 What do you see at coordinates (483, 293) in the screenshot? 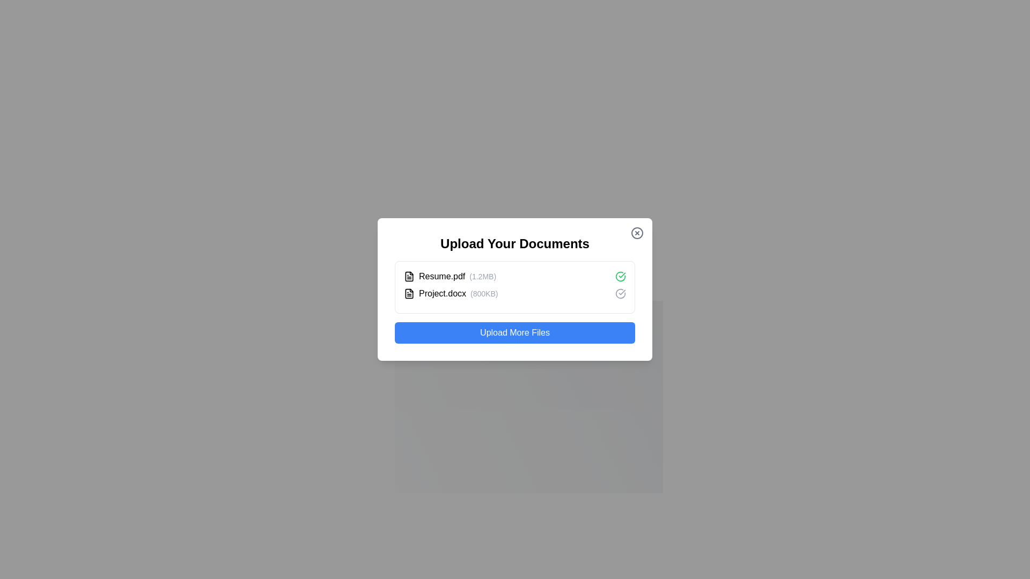
I see `the informational text displaying the file size of 'Project.docx', which is located to the right of the 'Project.docx' text` at bounding box center [483, 293].